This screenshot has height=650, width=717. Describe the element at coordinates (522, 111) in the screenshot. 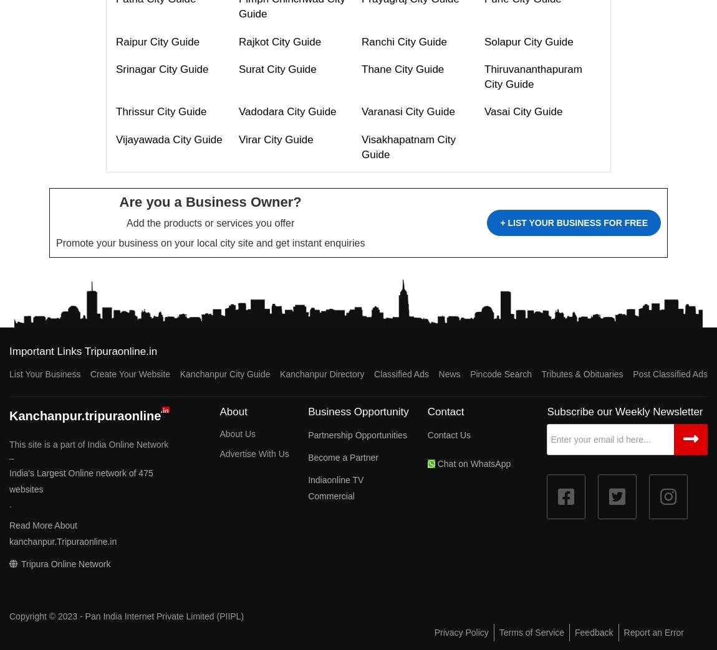

I see `'Vasai City Guide'` at that location.